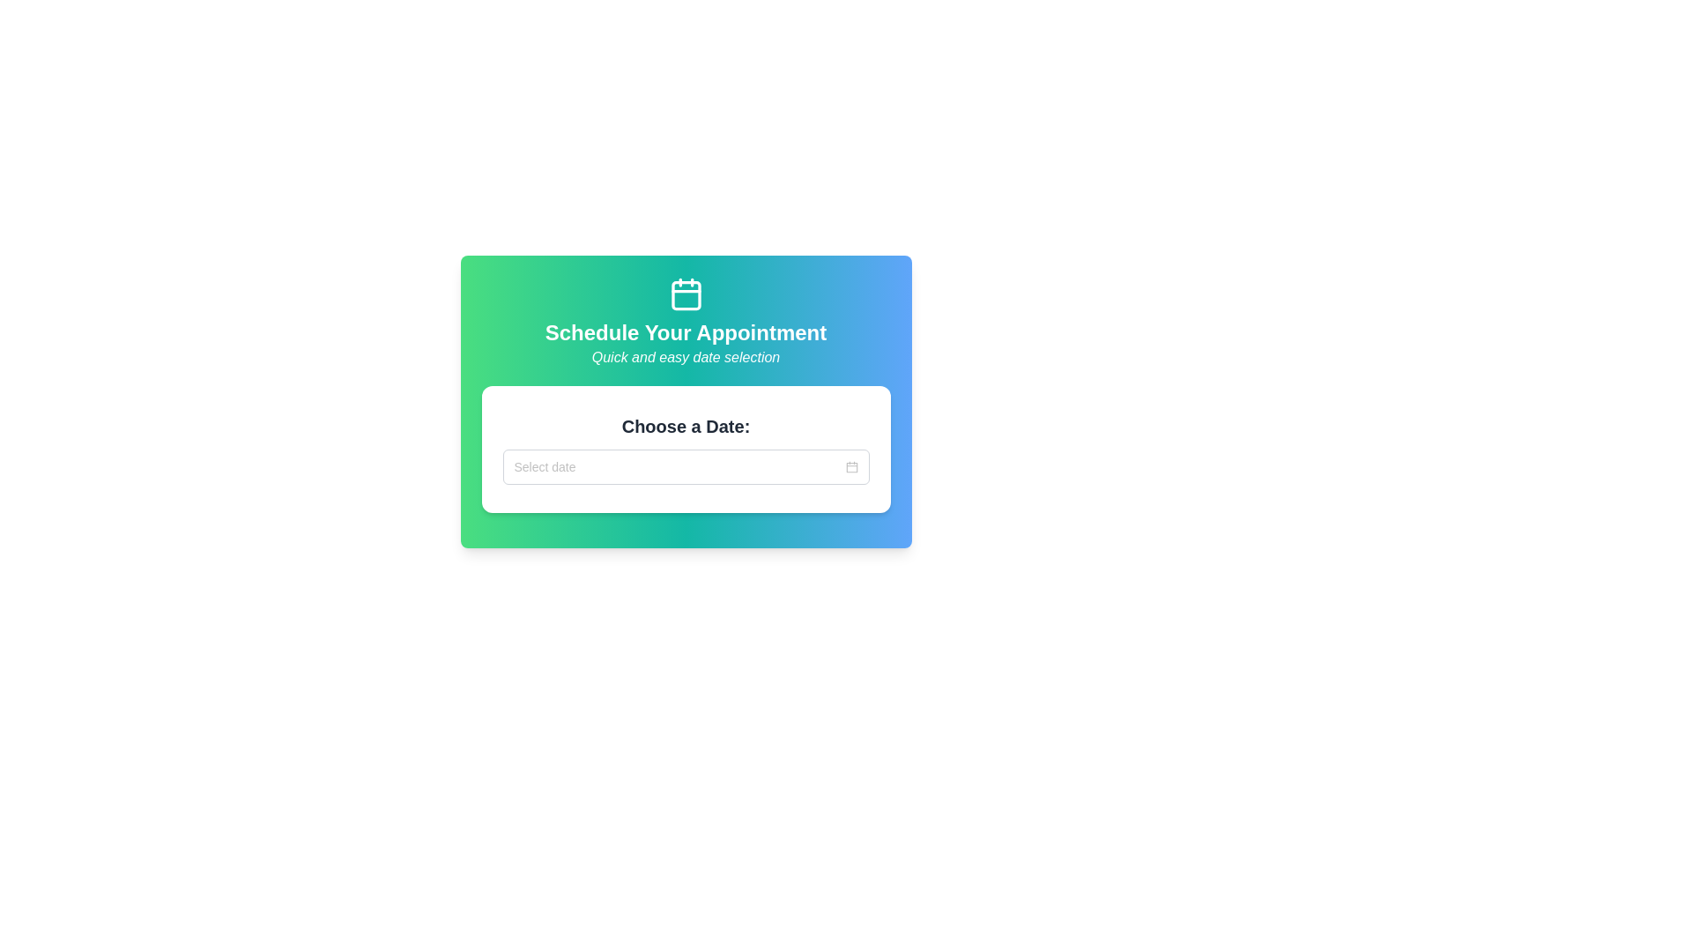 This screenshot has height=952, width=1692. What do you see at coordinates (685, 294) in the screenshot?
I see `the Decorative Icon located at the center of the card above the text 'Schedule Your Appointment'` at bounding box center [685, 294].